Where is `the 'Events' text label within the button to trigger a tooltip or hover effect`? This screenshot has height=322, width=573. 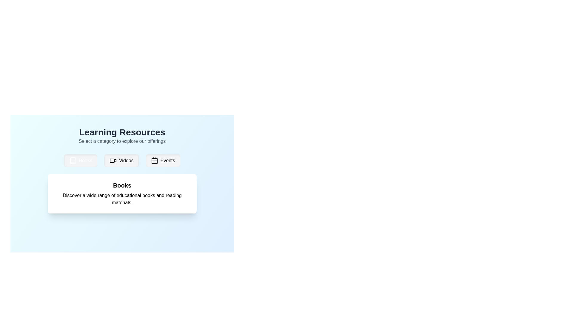 the 'Events' text label within the button to trigger a tooltip or hover effect is located at coordinates (167, 160).